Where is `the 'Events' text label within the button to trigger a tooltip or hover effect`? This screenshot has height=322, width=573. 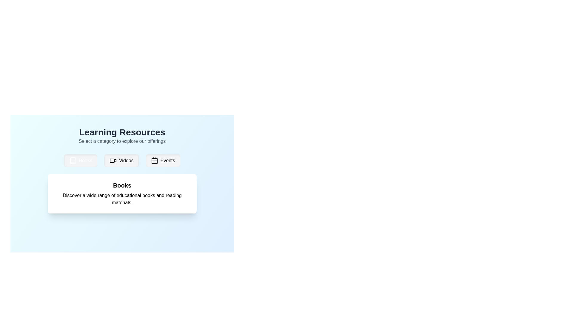 the 'Events' text label within the button to trigger a tooltip or hover effect is located at coordinates (167, 160).